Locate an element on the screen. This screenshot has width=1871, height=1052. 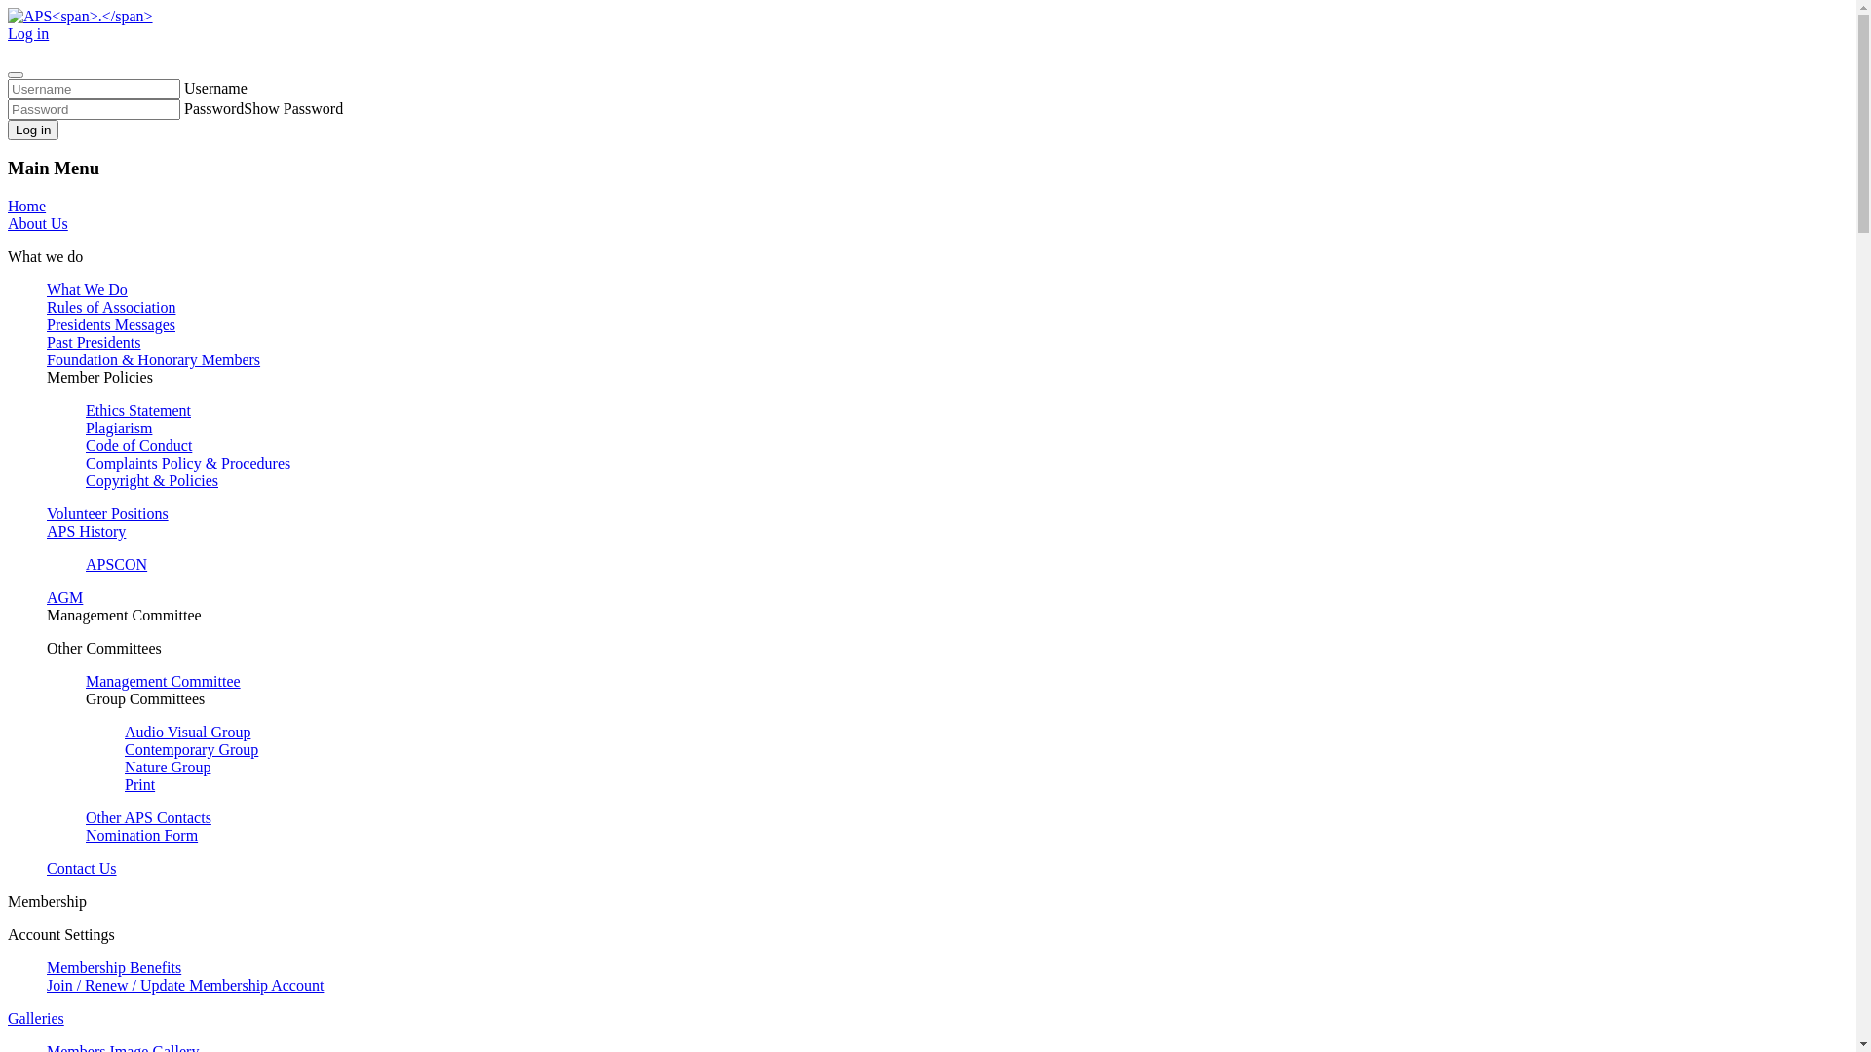
'Galleries' is located at coordinates (36, 1017).